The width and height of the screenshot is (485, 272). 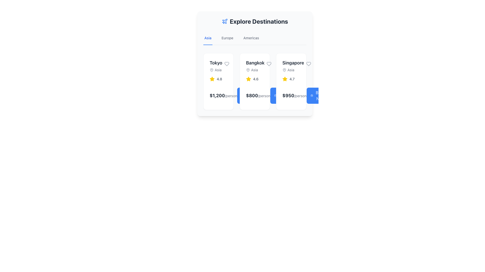 I want to click on the Rating Indicator that displays the rating of the destination 'Bangkok', which is located within the 'Bangkok' card, positioned below the location details and above the pricing information, so click(x=255, y=79).